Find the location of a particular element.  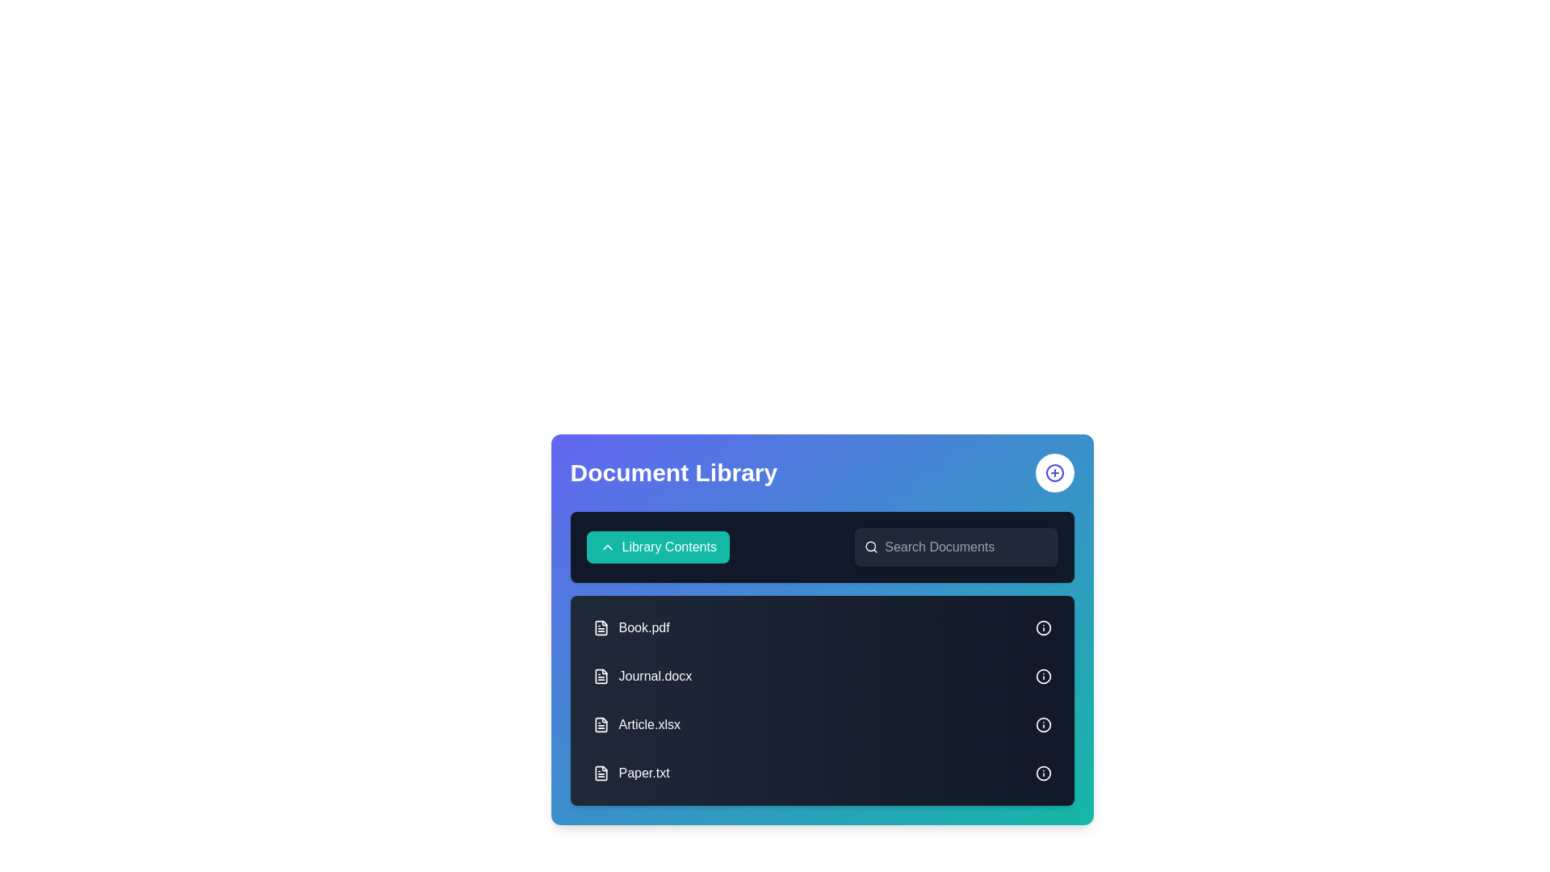

the entry for the file named 'Article.xlsx' in the Document Library is located at coordinates (635, 724).